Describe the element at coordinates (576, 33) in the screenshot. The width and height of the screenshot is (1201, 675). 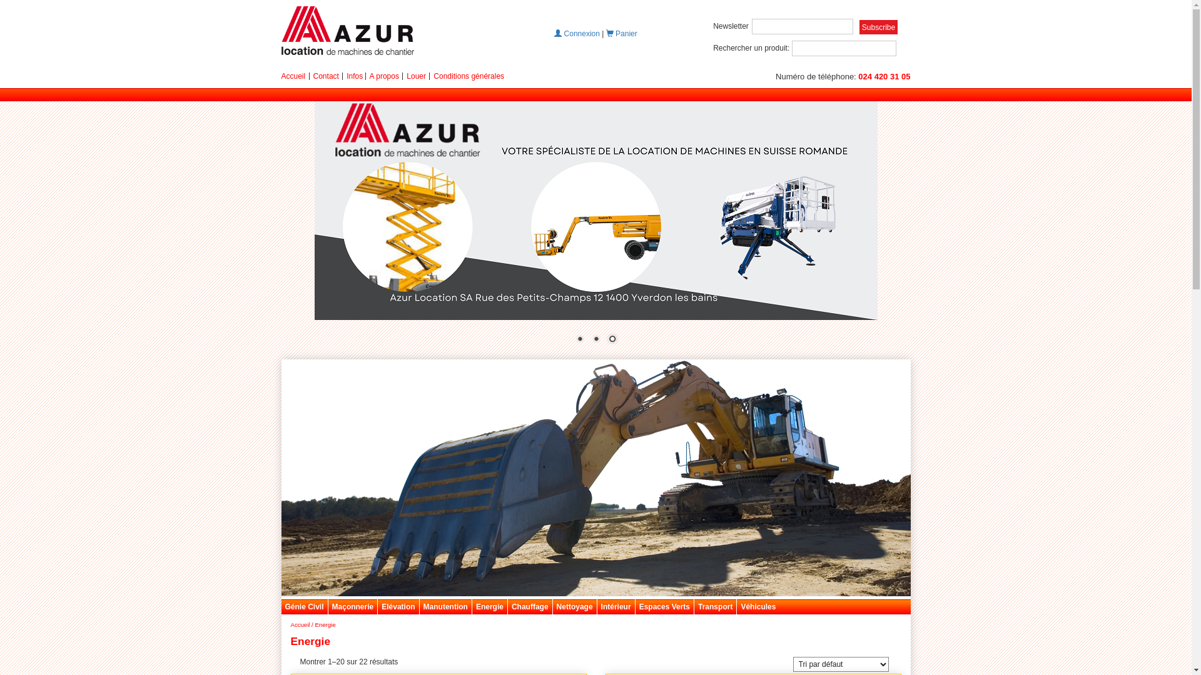
I see `'Connexion'` at that location.